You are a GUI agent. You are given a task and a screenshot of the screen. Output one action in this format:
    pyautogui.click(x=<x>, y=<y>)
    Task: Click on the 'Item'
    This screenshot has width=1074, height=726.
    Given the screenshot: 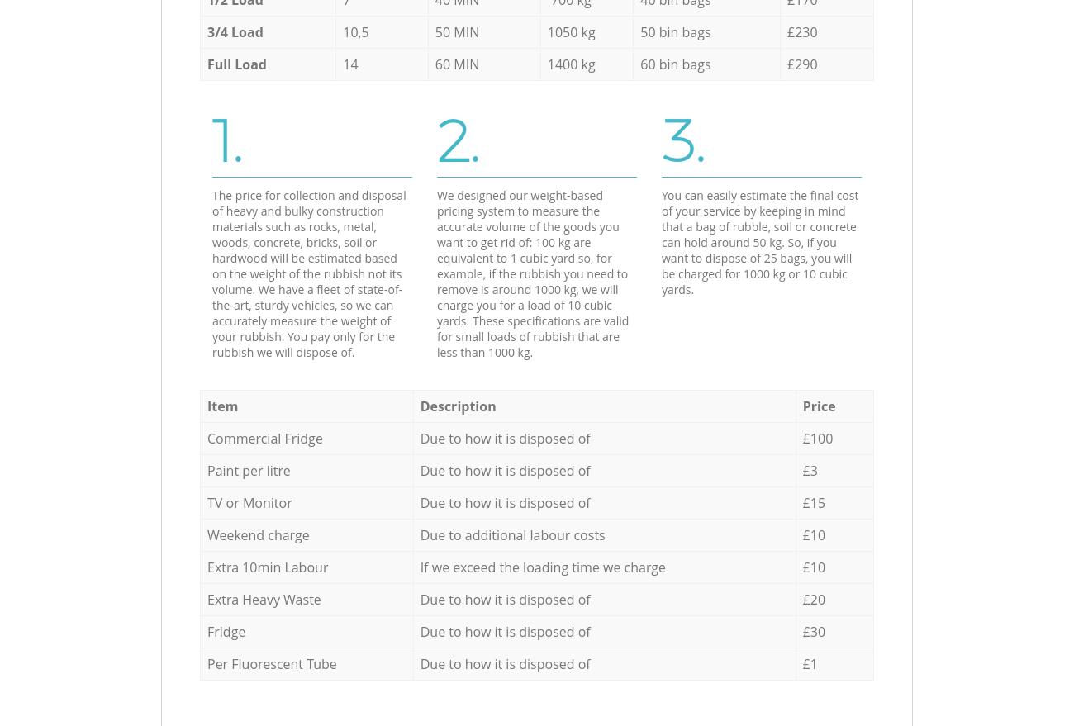 What is the action you would take?
    pyautogui.click(x=221, y=405)
    